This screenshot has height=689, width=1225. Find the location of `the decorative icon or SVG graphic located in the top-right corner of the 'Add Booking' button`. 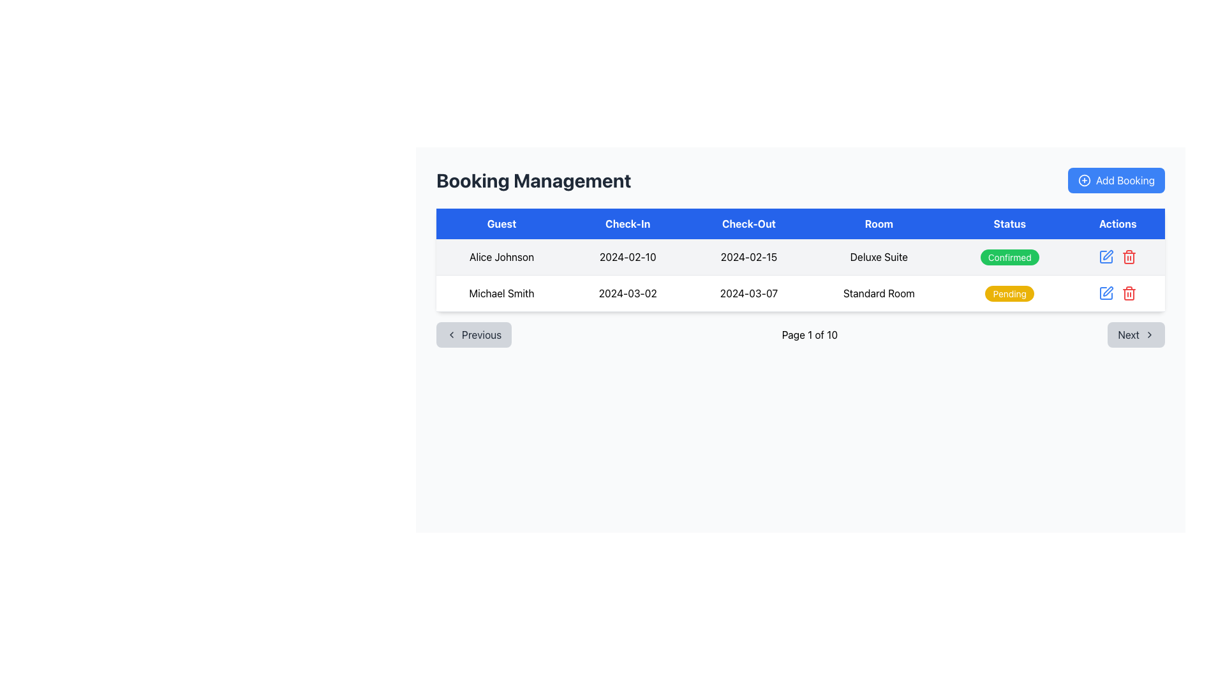

the decorative icon or SVG graphic located in the top-right corner of the 'Add Booking' button is located at coordinates (1083, 180).